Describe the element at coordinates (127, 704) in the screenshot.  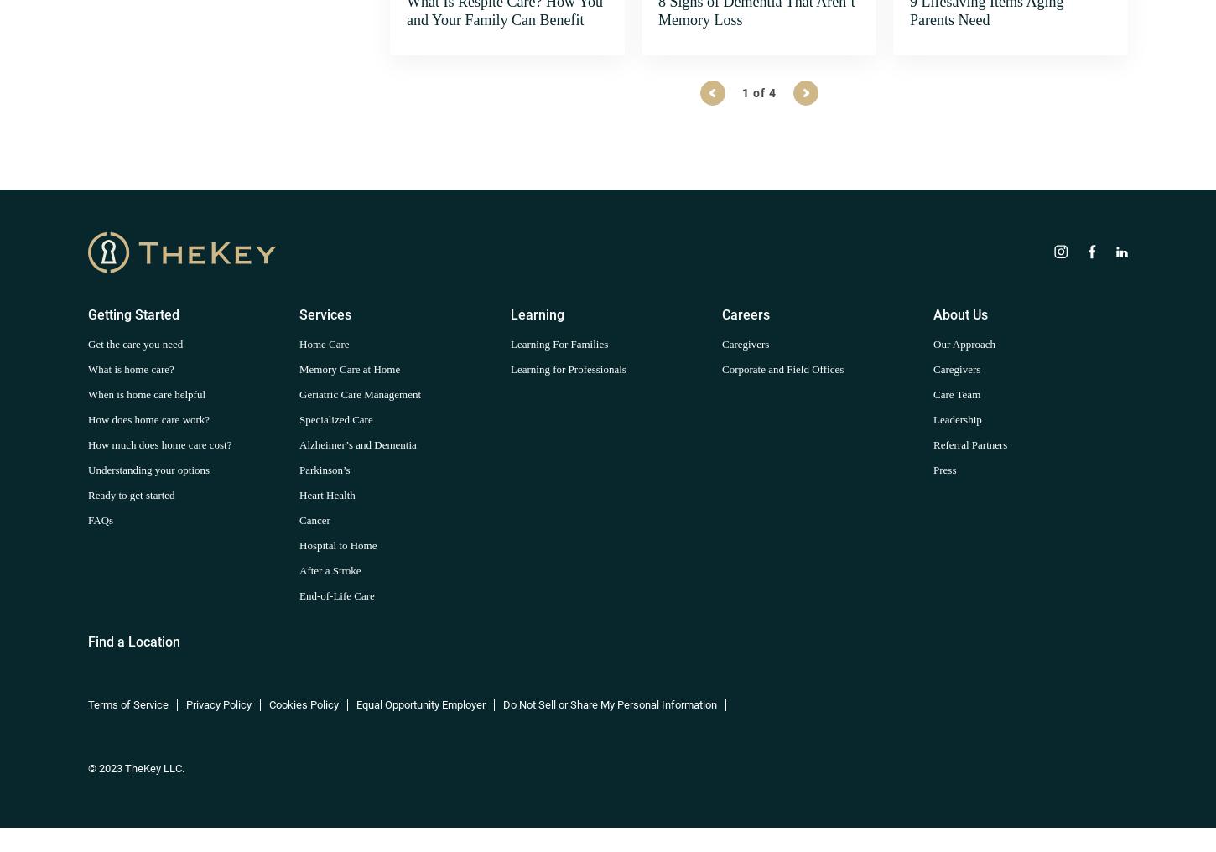
I see `'Terms of Service'` at that location.